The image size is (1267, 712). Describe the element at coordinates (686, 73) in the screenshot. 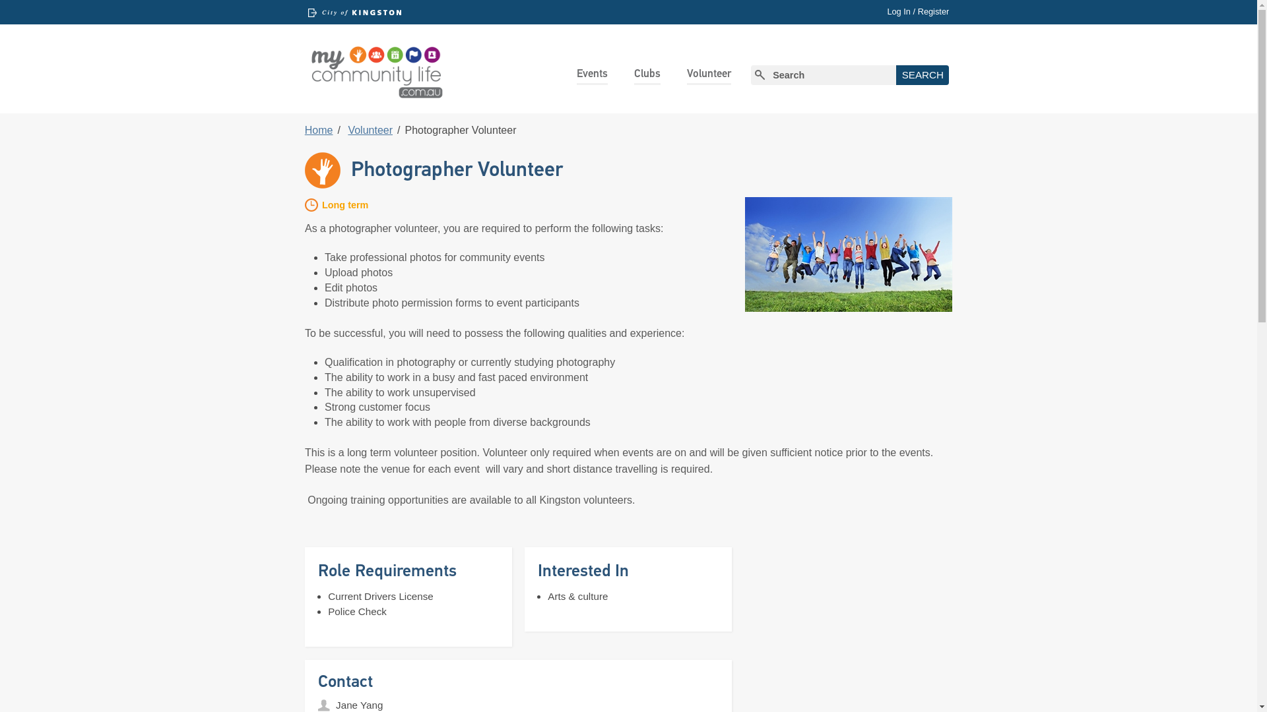

I see `'Volunteer'` at that location.